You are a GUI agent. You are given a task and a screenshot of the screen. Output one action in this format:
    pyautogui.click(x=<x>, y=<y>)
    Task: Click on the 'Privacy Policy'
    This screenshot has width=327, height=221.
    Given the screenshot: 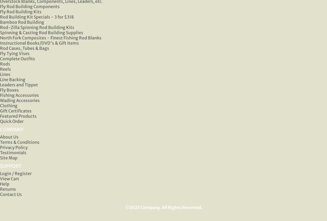 What is the action you would take?
    pyautogui.click(x=0, y=147)
    